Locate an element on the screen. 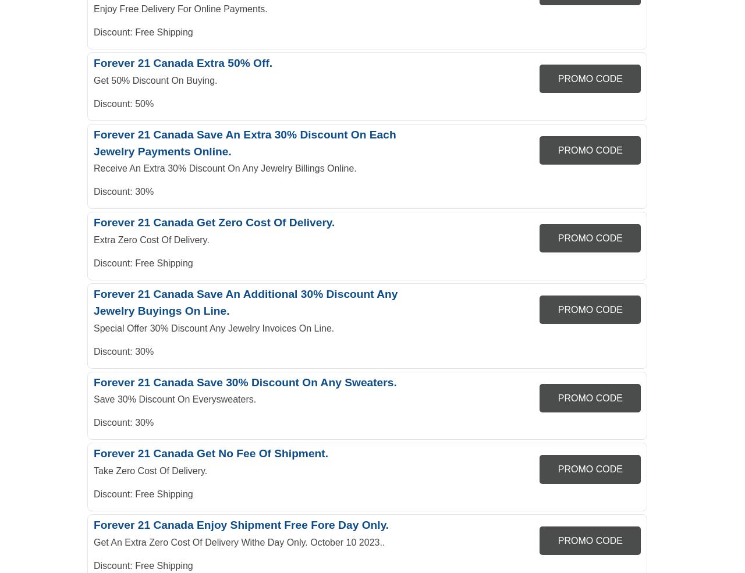 Image resolution: width=745 pixels, height=573 pixels. 'Forever 21 Canada Extra 50% Off.' is located at coordinates (182, 62).